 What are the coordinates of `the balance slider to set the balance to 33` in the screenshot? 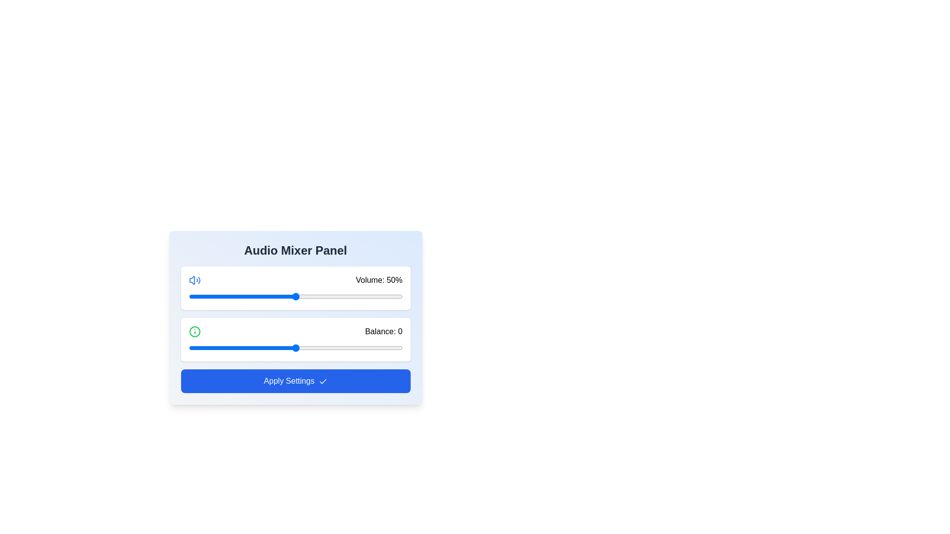 It's located at (365, 348).